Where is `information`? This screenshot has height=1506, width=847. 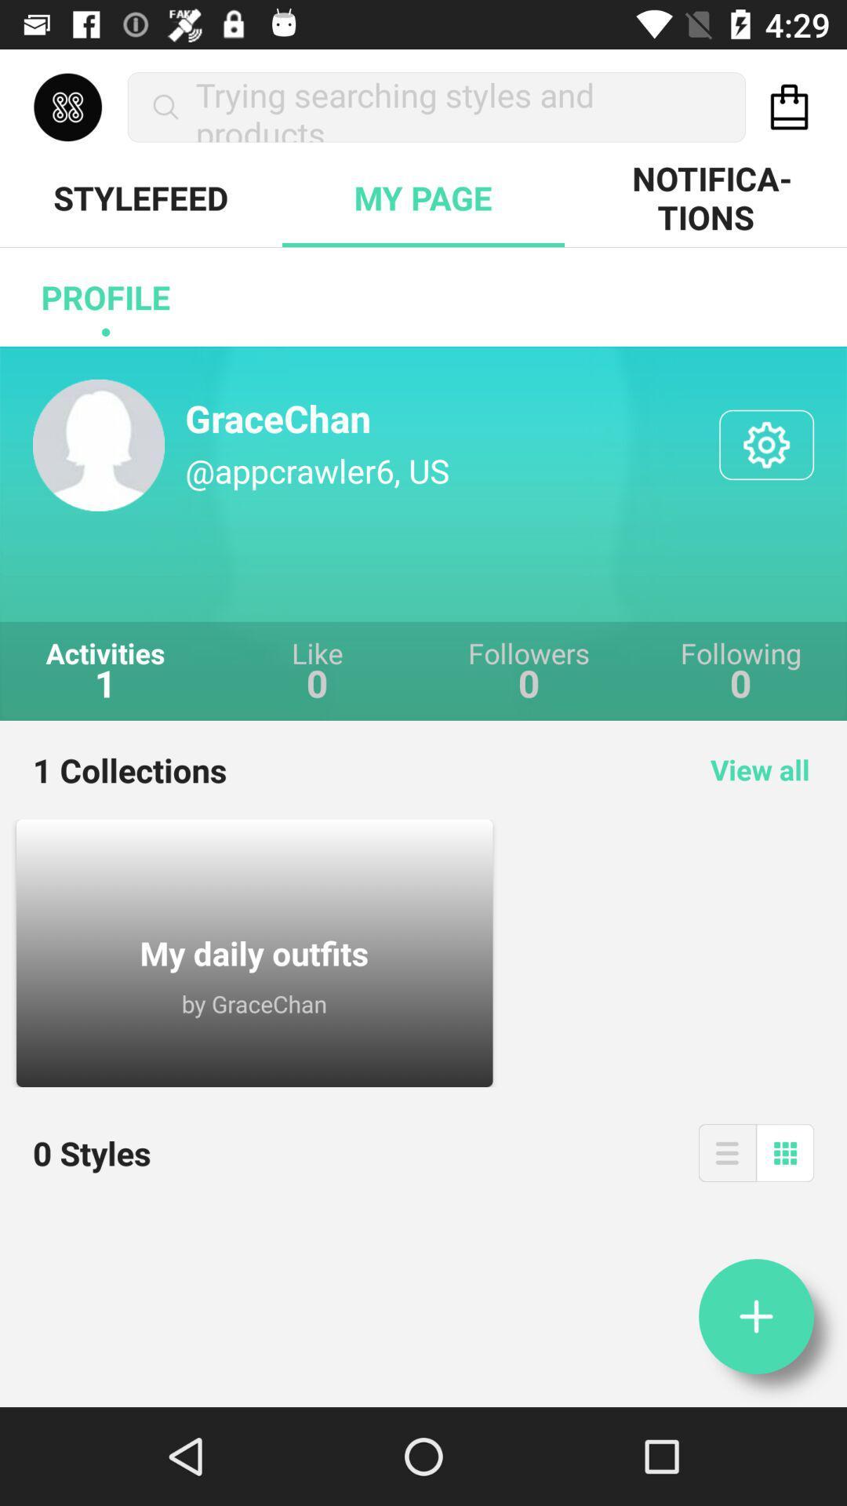
information is located at coordinates (755, 1316).